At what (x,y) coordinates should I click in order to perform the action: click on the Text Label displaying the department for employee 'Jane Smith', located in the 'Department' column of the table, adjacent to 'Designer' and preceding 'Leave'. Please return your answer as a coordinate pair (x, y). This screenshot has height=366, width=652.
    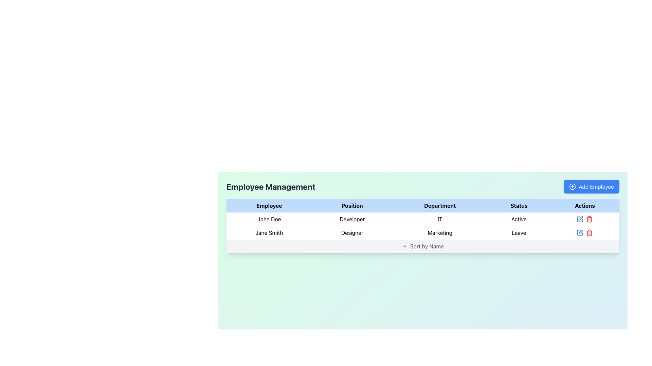
    Looking at the image, I should click on (440, 232).